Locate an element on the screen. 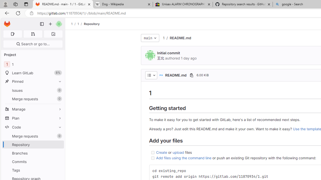  'AutomationID: dropdown-toggle-btn-52' is located at coordinates (151, 75).